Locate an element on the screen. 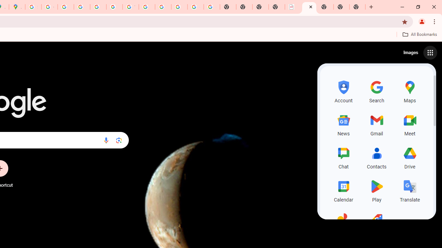  'LAAD Defence & Security 2025 | BAE Systems' is located at coordinates (293, 7).